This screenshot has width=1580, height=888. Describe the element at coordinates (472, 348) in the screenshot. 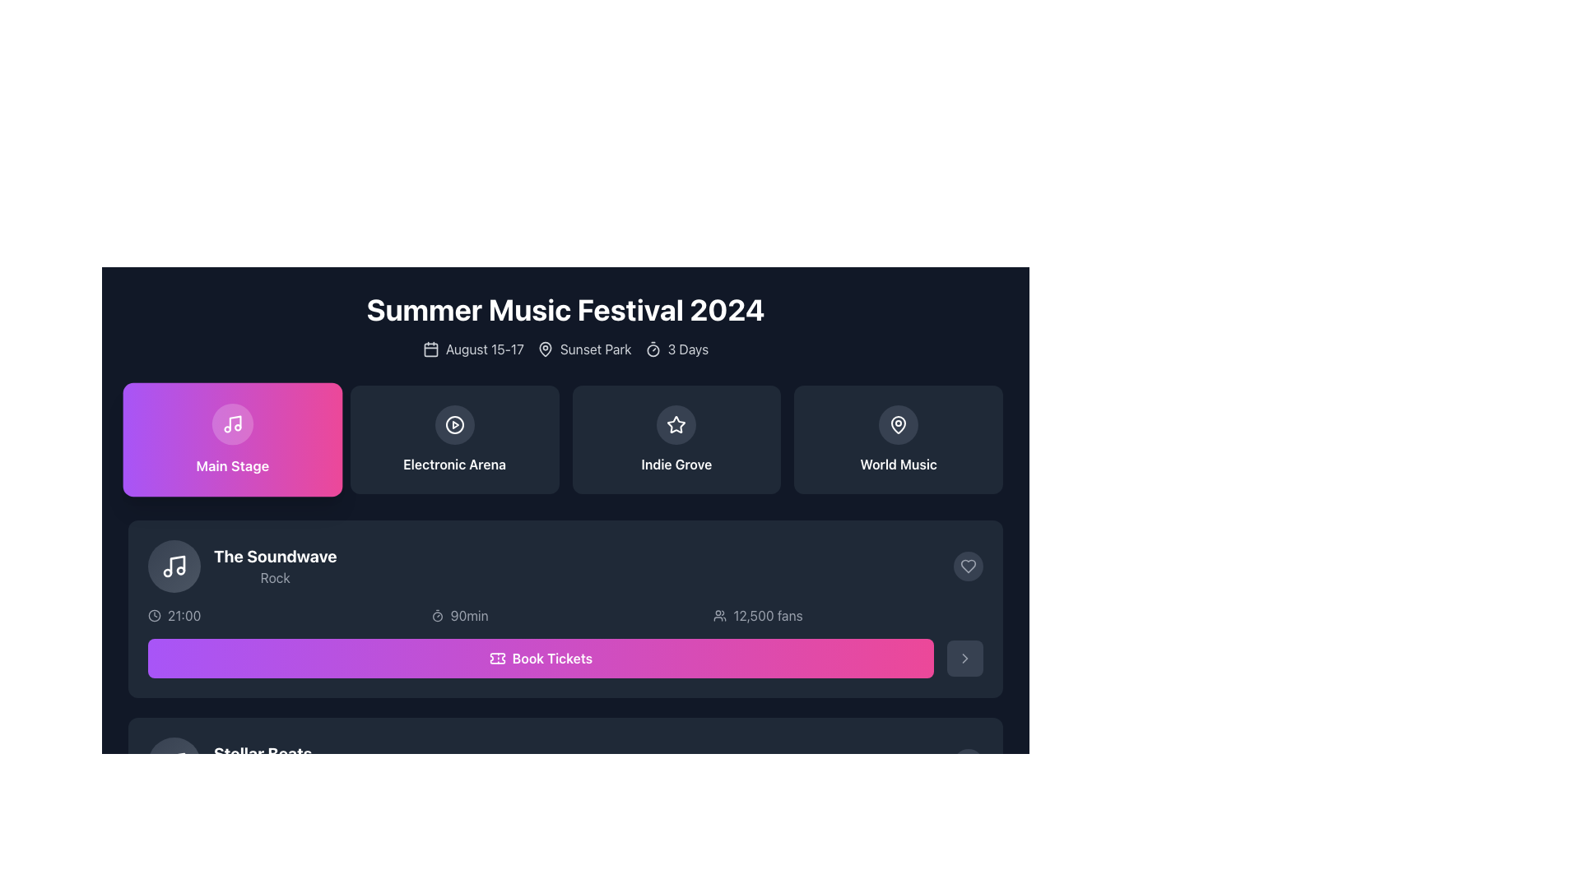

I see `the text element displaying the event date 'August 15-17' with the adjacent calendar icon` at that location.